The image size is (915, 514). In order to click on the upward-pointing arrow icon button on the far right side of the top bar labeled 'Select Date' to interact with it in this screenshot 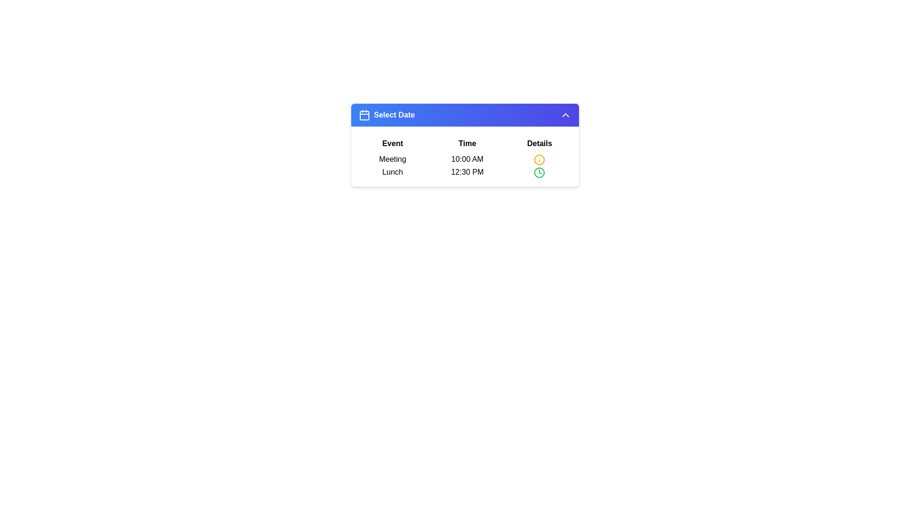, I will do `click(565, 115)`.